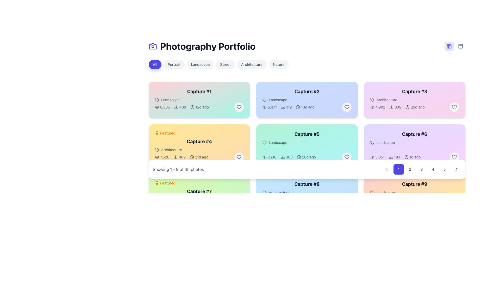  Describe the element at coordinates (179, 157) in the screenshot. I see `the Statistical Display with Icon element showing the number '469' next to a download icon, located in the information block of the photo card labeled 'Capture #4'` at that location.